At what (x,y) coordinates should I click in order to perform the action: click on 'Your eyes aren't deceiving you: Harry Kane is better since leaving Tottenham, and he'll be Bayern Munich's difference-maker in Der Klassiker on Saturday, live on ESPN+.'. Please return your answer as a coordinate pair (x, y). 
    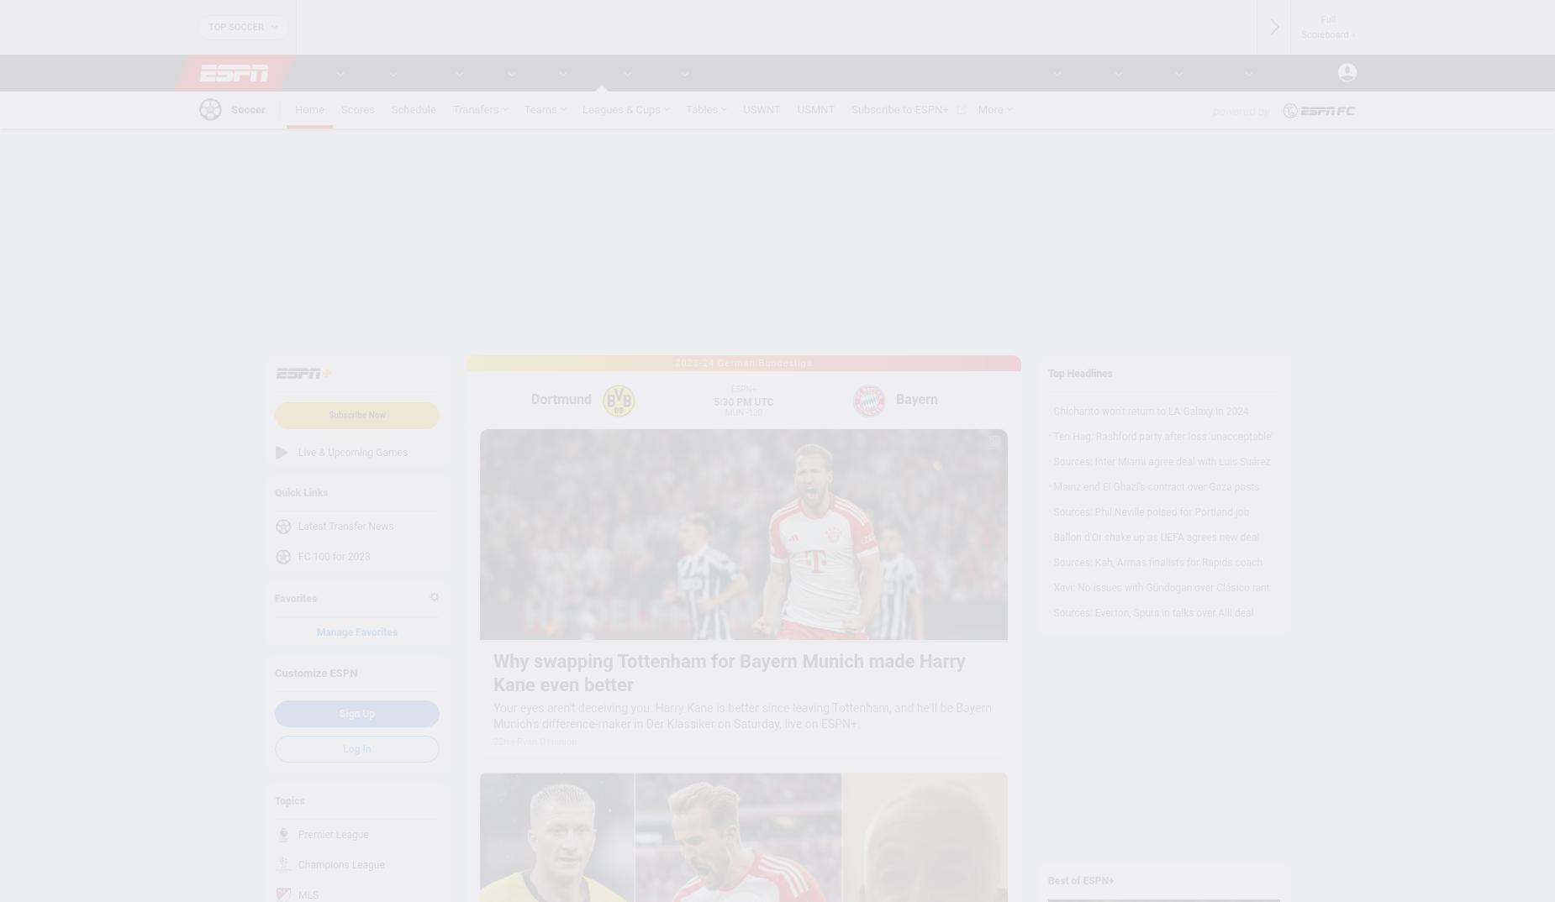
    Looking at the image, I should click on (742, 716).